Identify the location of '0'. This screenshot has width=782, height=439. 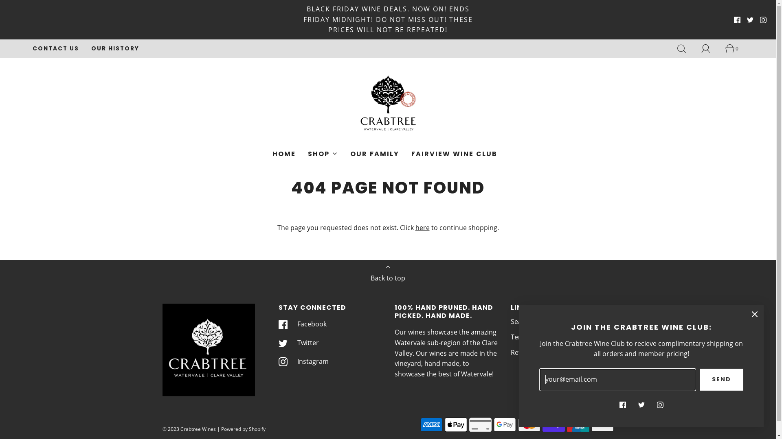
(725, 48).